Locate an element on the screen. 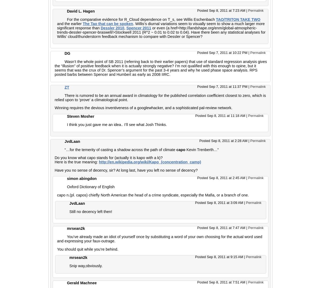 The image size is (324, 288). 'Do you know what capo stands for (actually it is kapo with a k)?' is located at coordinates (54, 157).